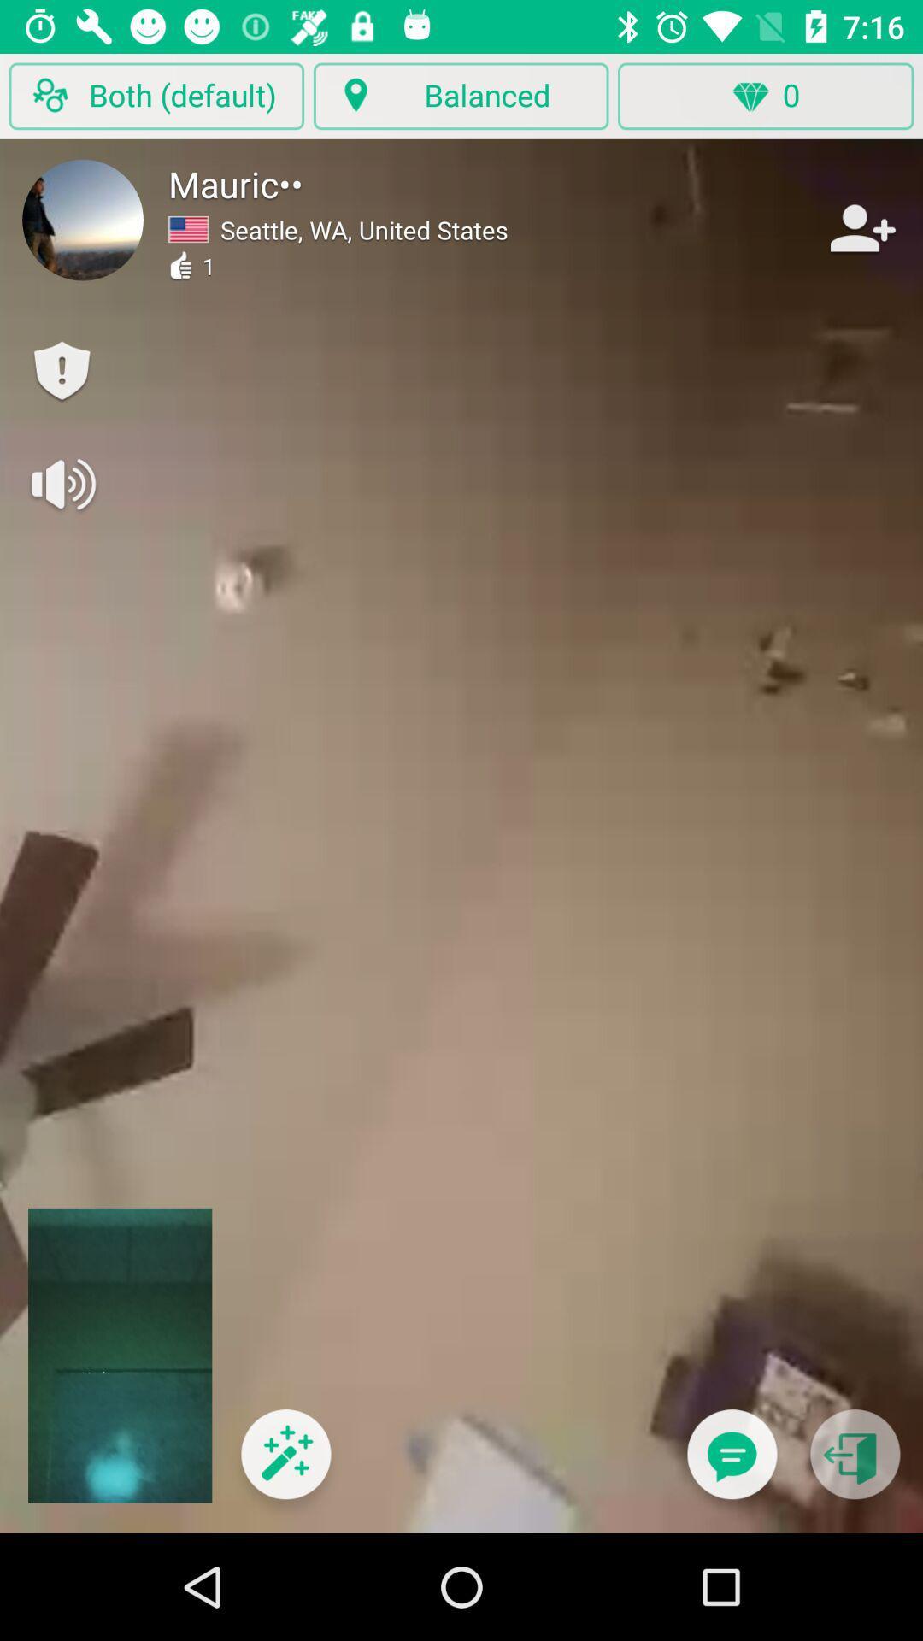  I want to click on the icon below both (default) item, so click(83, 219).